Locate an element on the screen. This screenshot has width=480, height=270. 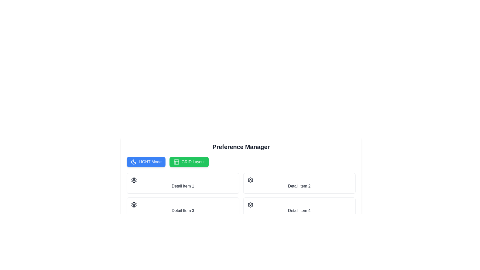
the gear icon representing settings functionality is located at coordinates (134, 204).